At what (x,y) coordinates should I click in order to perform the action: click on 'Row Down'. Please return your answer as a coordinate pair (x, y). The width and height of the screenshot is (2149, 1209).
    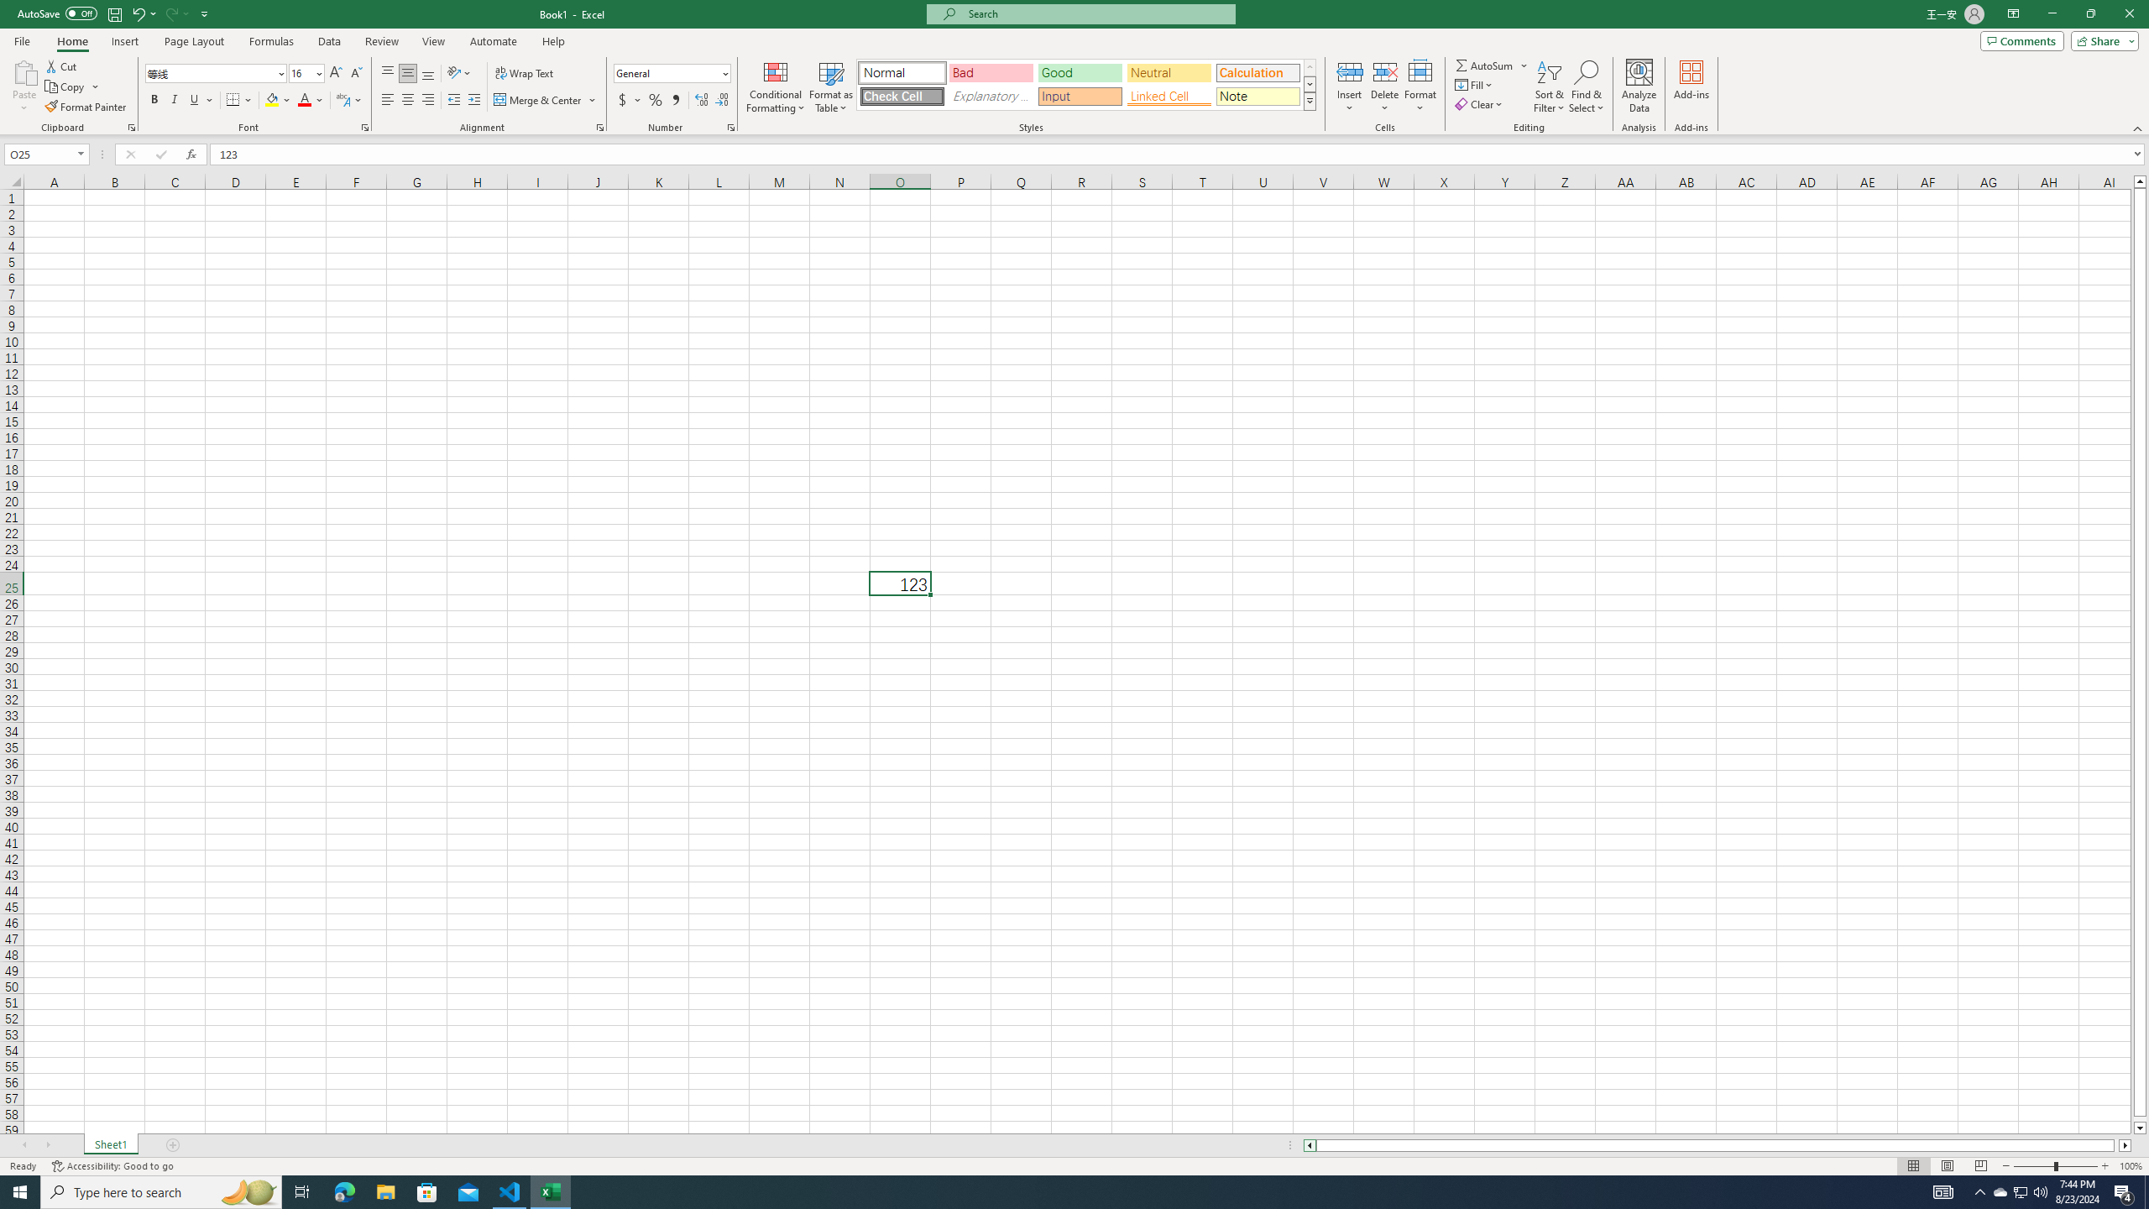
    Looking at the image, I should click on (1310, 83).